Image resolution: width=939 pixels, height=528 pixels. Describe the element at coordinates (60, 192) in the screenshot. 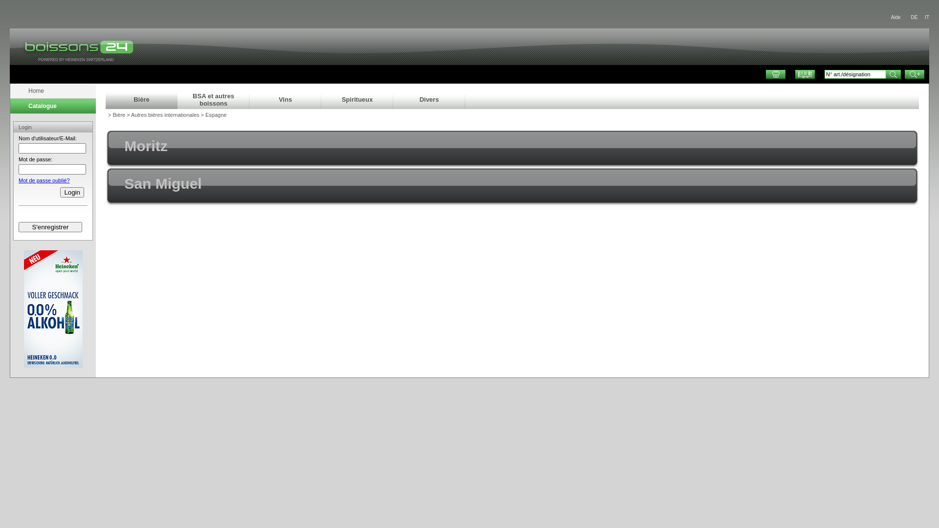

I see `'Login'` at that location.